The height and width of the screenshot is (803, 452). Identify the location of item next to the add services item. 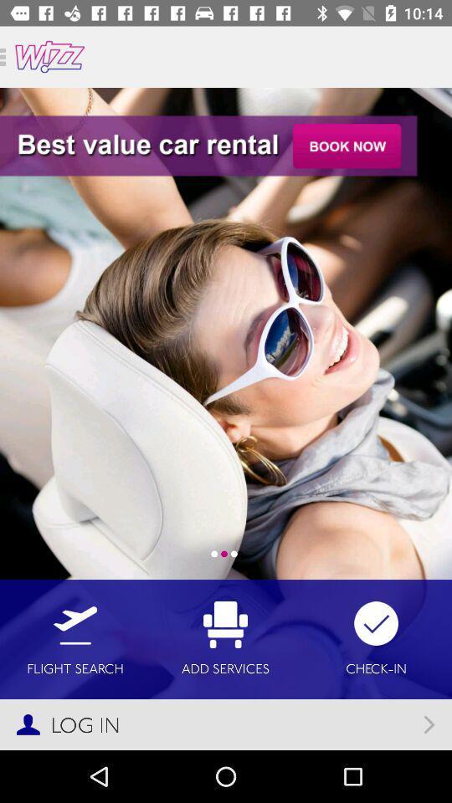
(74, 638).